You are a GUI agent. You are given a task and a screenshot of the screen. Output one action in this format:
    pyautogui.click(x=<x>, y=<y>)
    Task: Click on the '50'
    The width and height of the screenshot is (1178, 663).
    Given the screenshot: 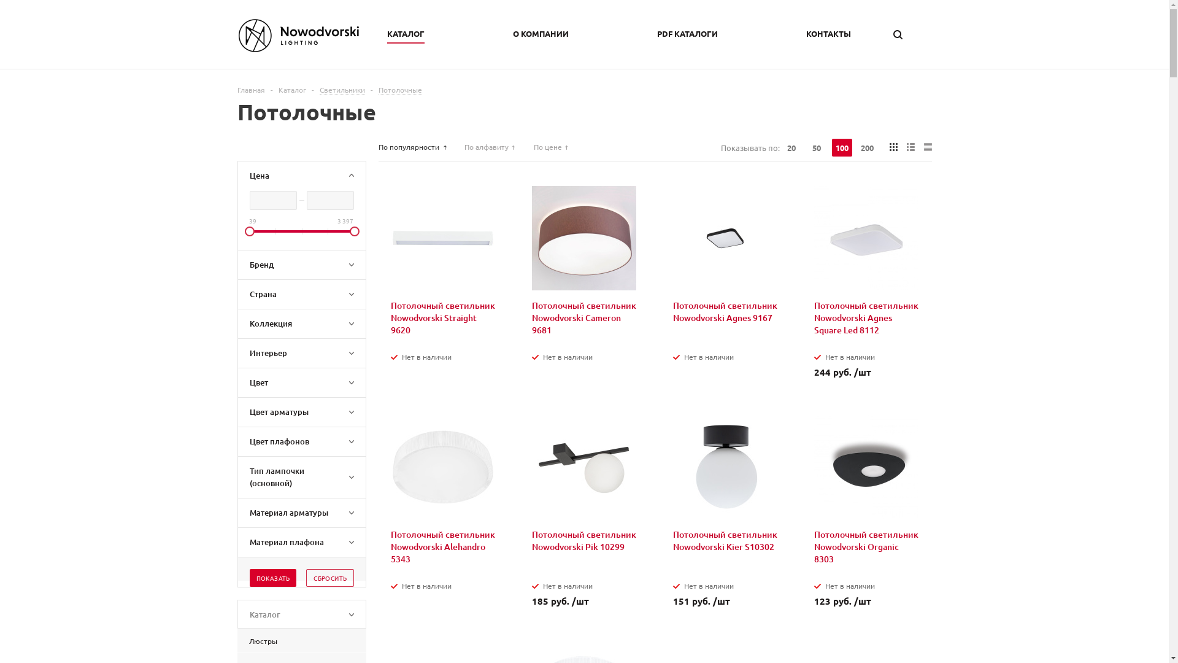 What is the action you would take?
    pyautogui.click(x=806, y=147)
    